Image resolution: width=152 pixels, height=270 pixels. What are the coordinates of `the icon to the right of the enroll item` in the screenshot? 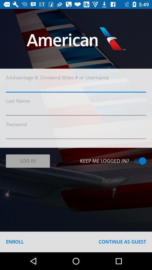 It's located at (122, 242).